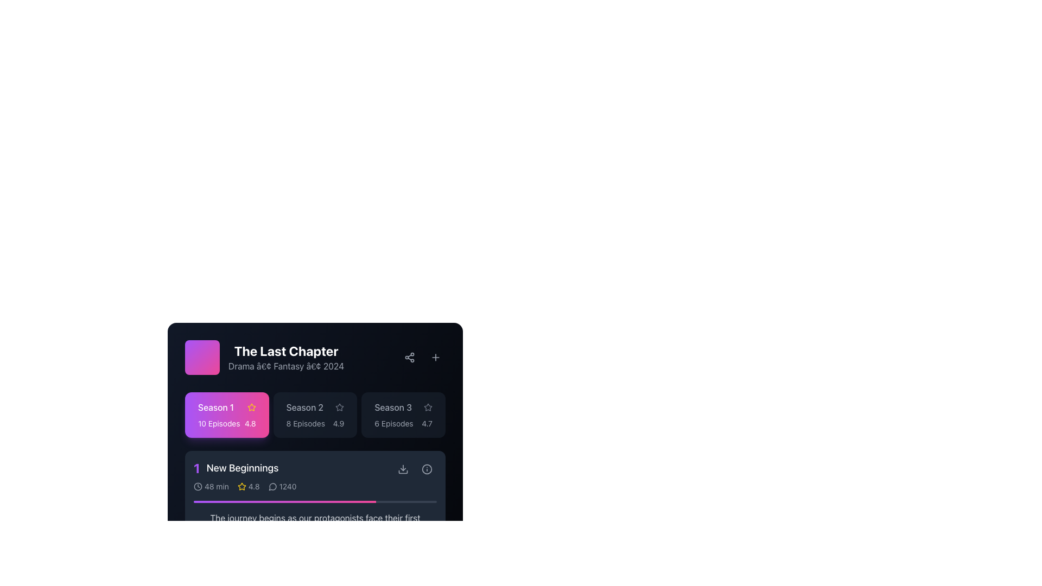  I want to click on the 'Season 2' button, which features a dark rectangular background and light gray text, to view options for Season 2, so click(314, 415).